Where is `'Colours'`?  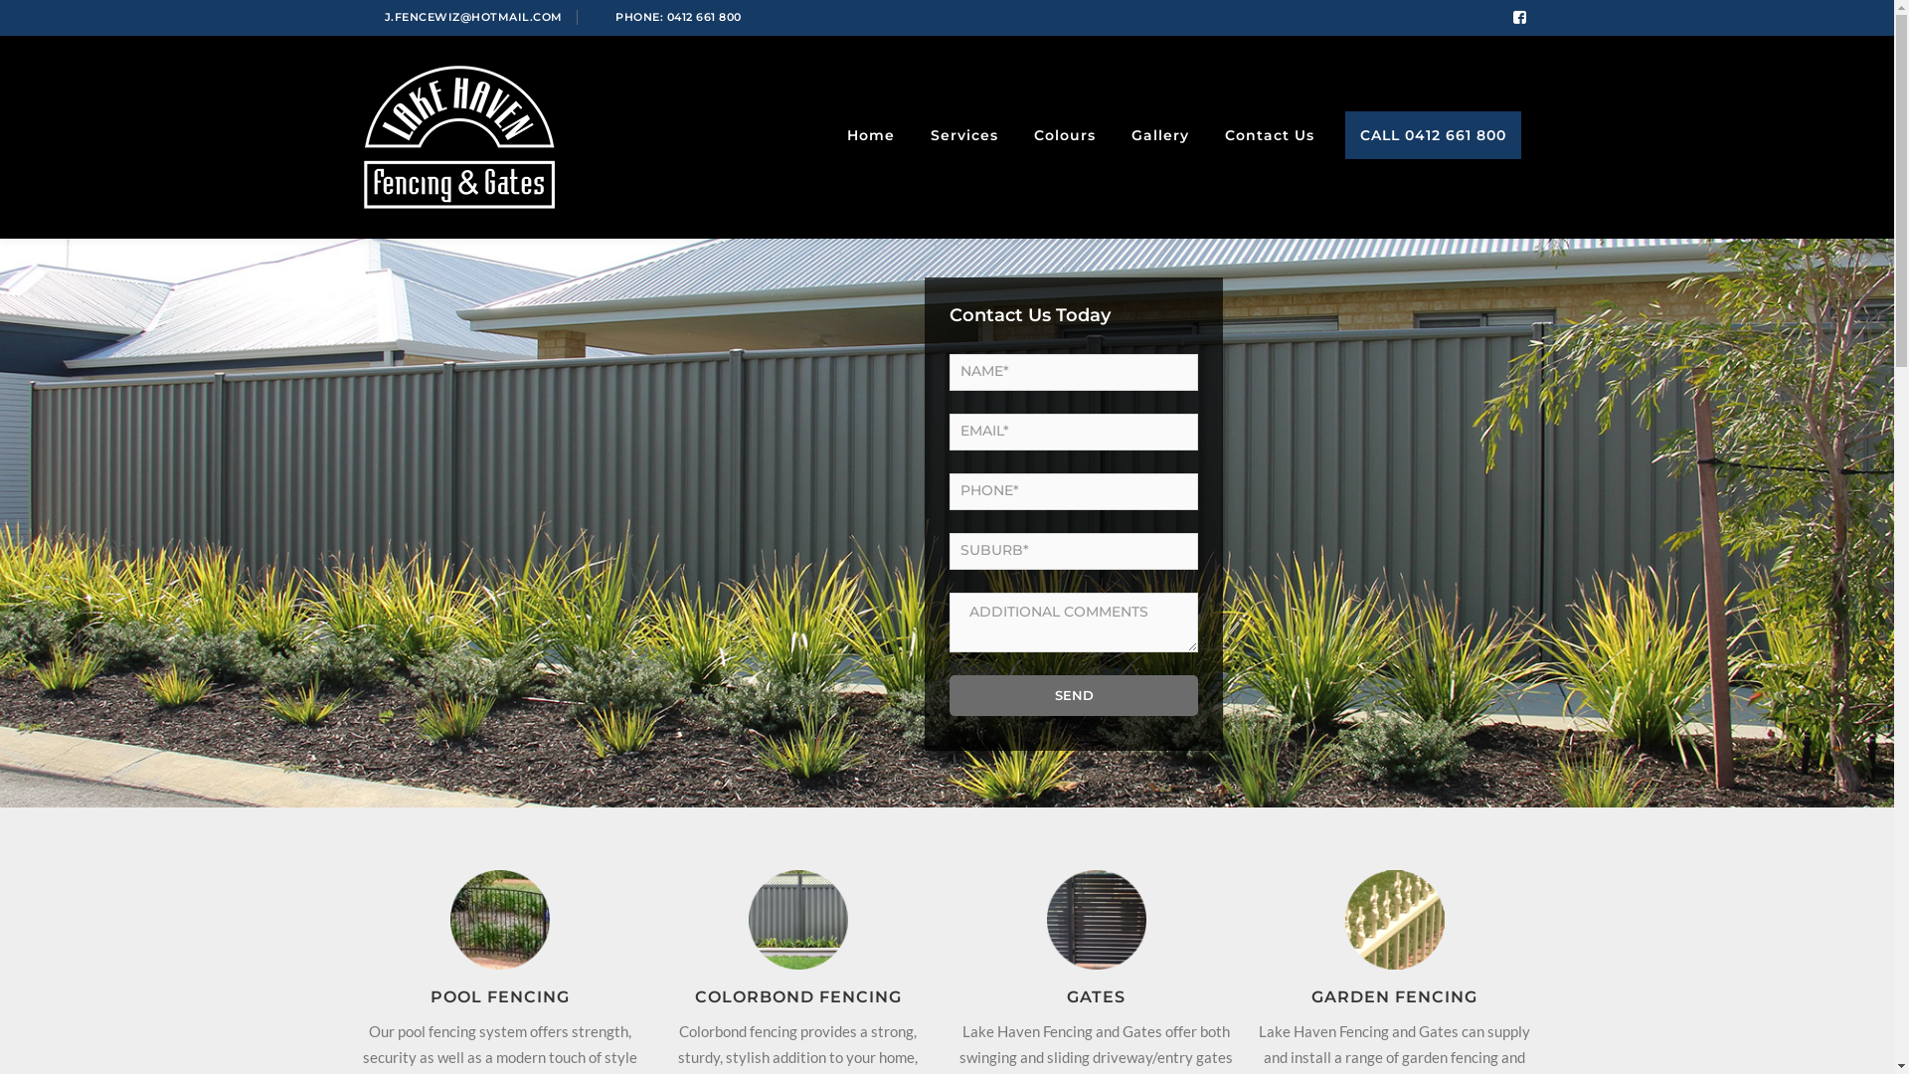
'Colours' is located at coordinates (1063, 134).